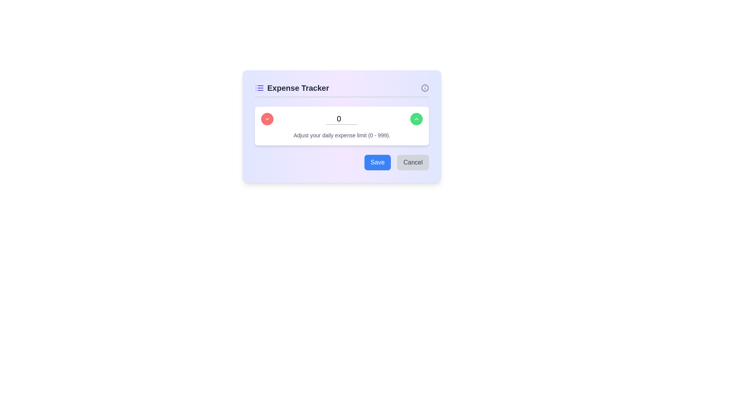  Describe the element at coordinates (267, 119) in the screenshot. I see `the decrement button located at the leftmost position among three sibling elements in the white bordered section of the form` at that location.